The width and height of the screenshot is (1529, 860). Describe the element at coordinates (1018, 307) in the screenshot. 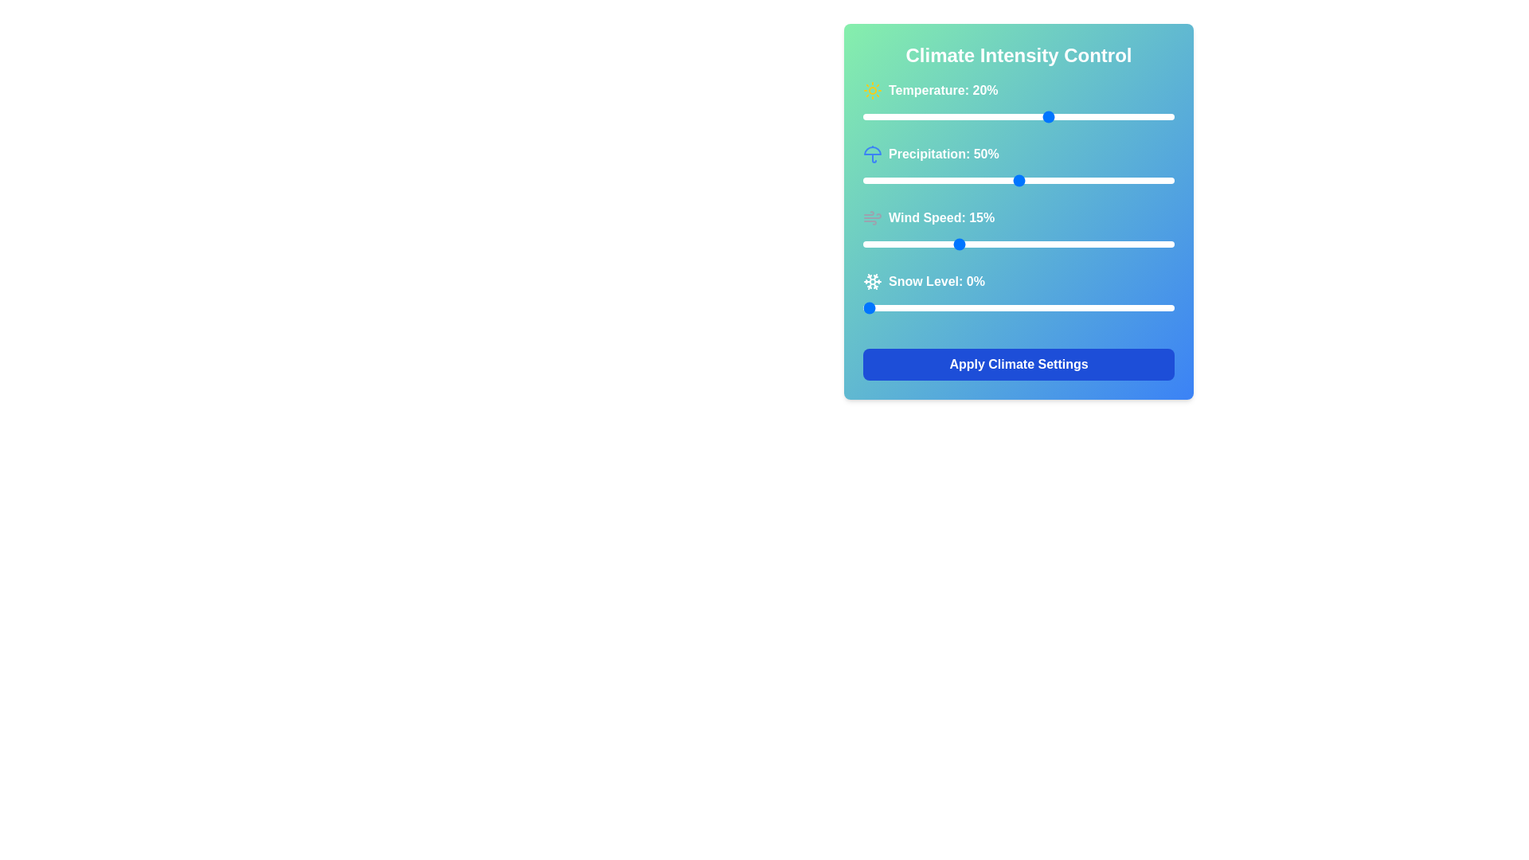

I see `the snow level range slider located under the 'Snow Level: 0%' label in the 'Climate Intensity Control' panel to move the slider thumb` at that location.